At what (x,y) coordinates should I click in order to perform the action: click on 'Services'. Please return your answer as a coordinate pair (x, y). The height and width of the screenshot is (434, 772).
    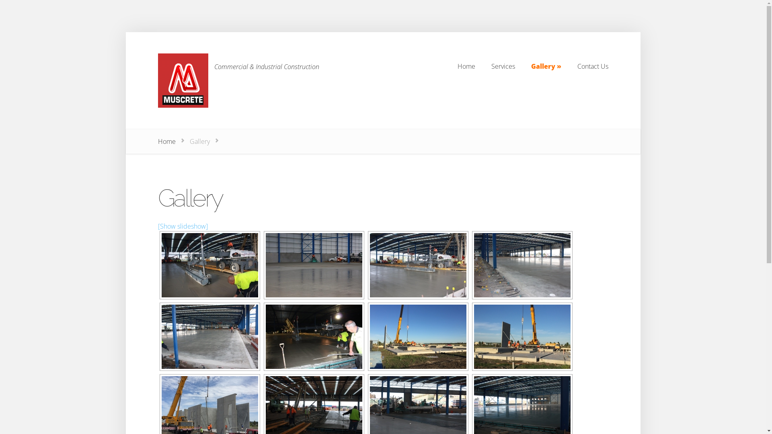
    Looking at the image, I should click on (503, 66).